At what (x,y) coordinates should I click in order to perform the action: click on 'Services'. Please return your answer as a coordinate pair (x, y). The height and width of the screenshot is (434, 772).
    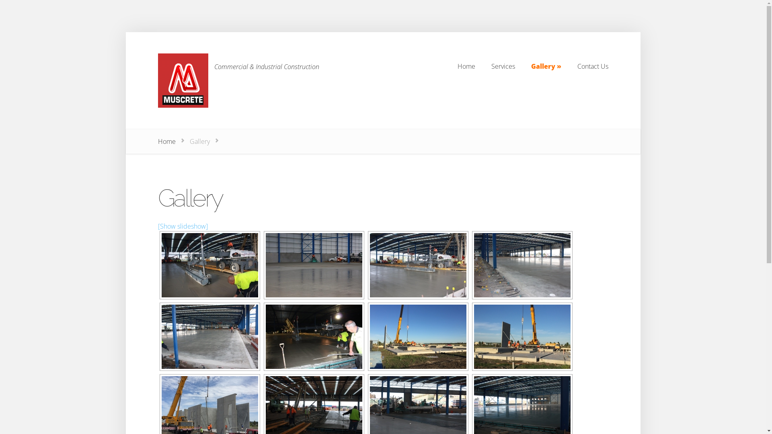
    Looking at the image, I should click on (503, 66).